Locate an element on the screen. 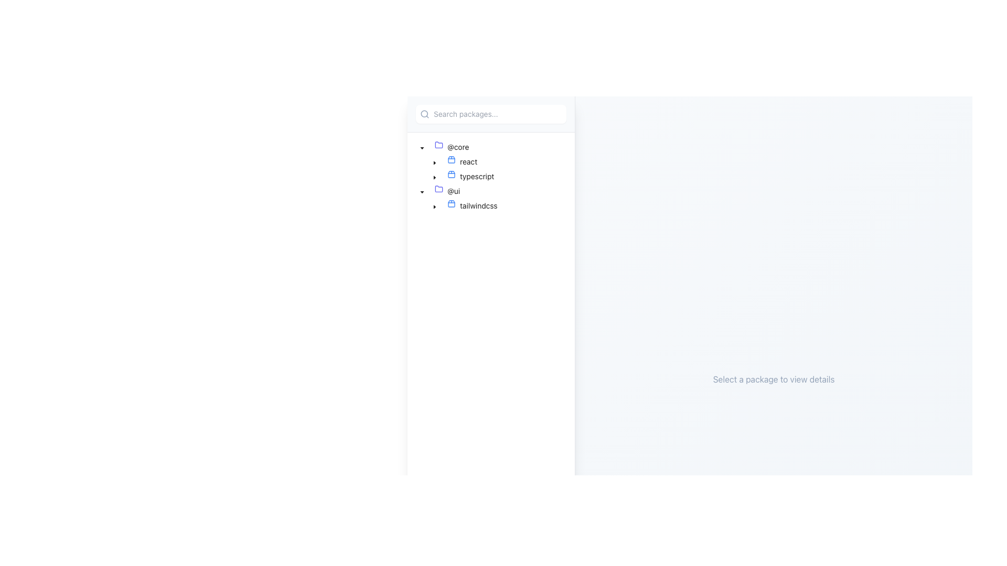  the downward caret icon located beside the '@ui' folder label is located at coordinates (422, 192).